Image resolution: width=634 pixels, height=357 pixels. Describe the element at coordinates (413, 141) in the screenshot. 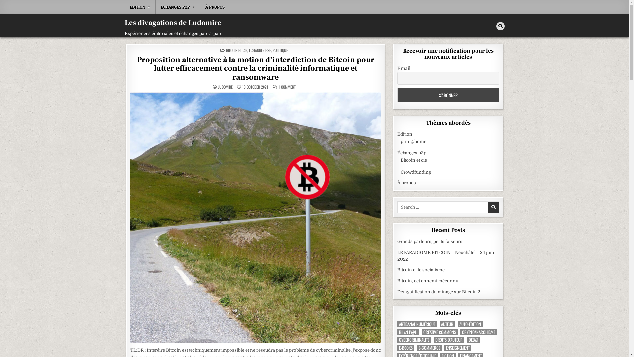

I see `'print@home'` at that location.